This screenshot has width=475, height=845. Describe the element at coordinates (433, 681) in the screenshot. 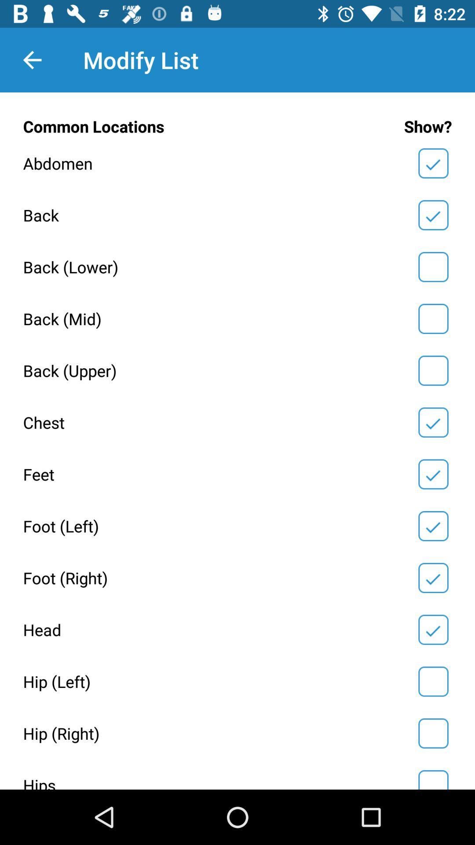

I see `show hip left` at that location.